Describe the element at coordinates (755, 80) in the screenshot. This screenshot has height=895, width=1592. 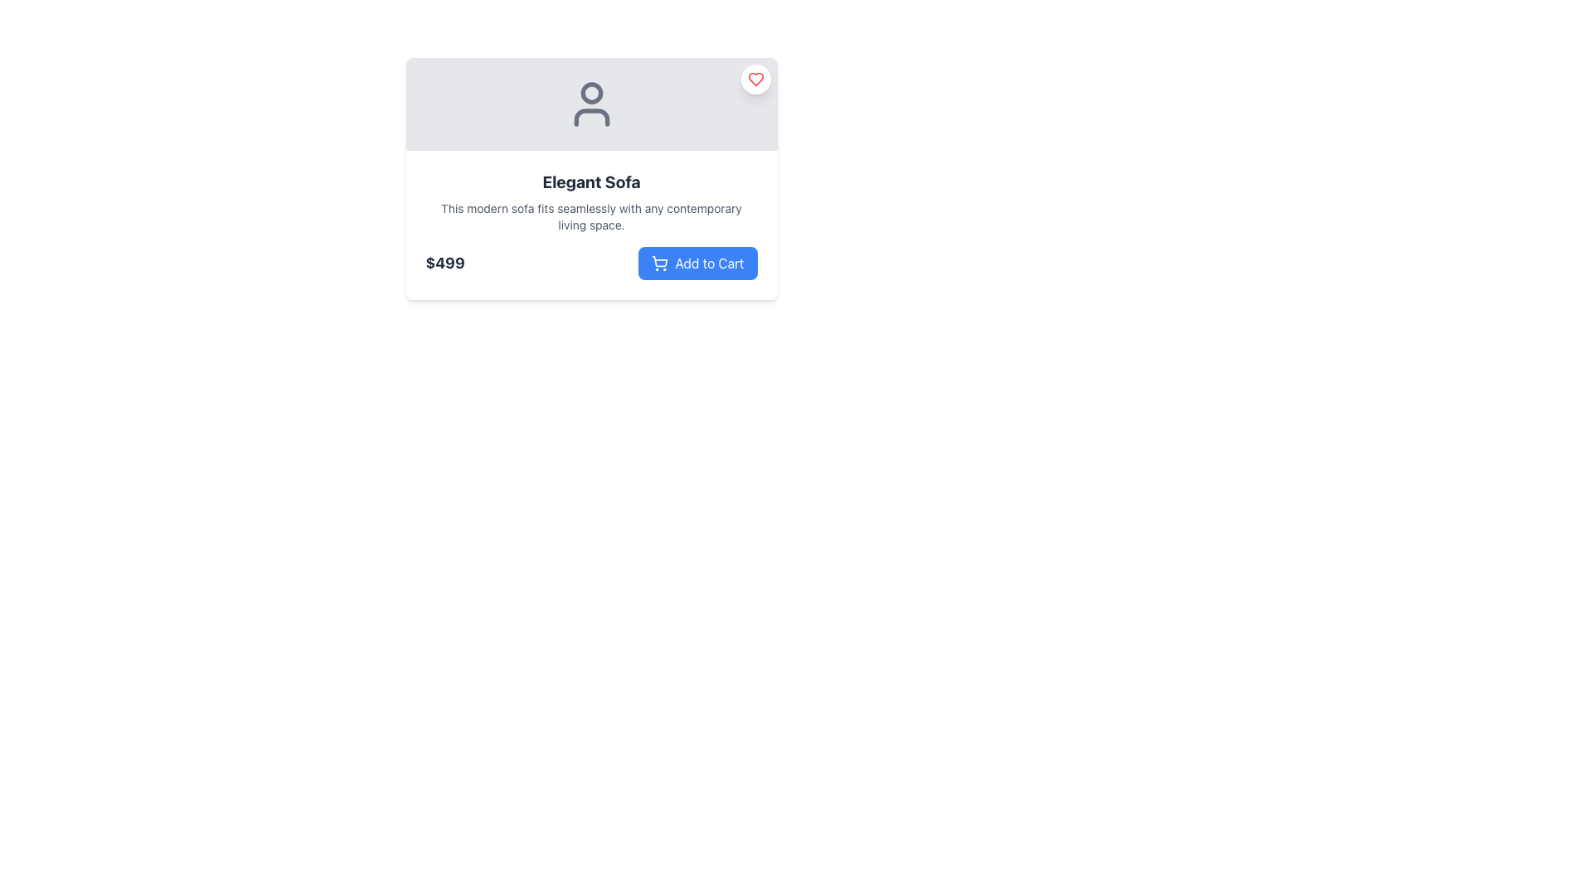
I see `the 'Favorite' or 'Wishlist' button located in the top-right corner of the product card` at that location.